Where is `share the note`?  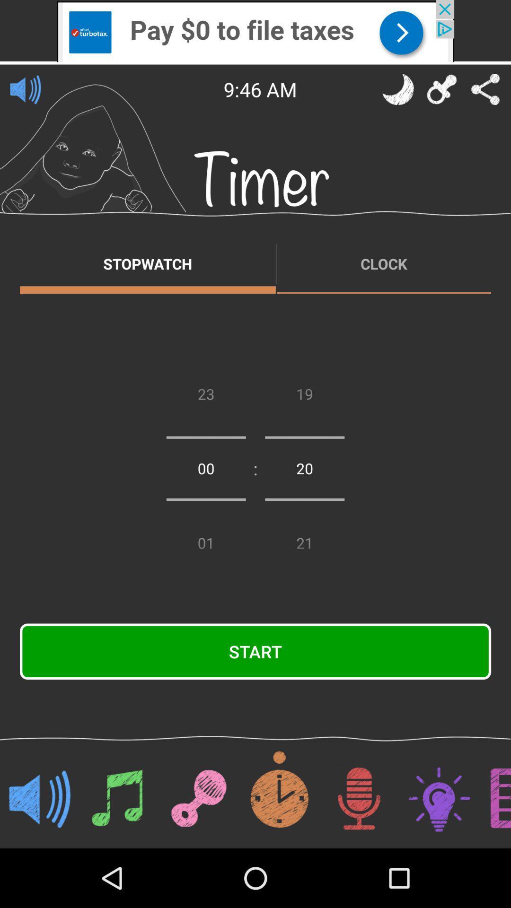
share the note is located at coordinates (485, 89).